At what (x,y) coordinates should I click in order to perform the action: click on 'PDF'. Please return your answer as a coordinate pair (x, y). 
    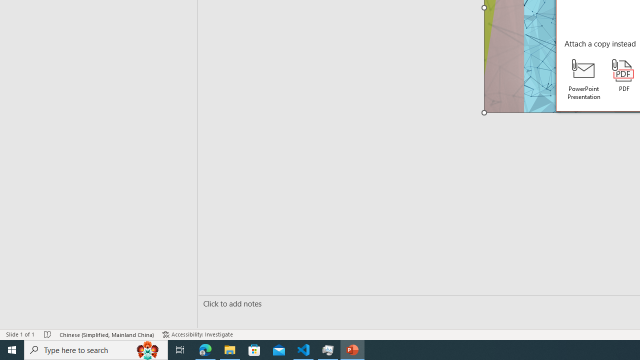
    Looking at the image, I should click on (623, 75).